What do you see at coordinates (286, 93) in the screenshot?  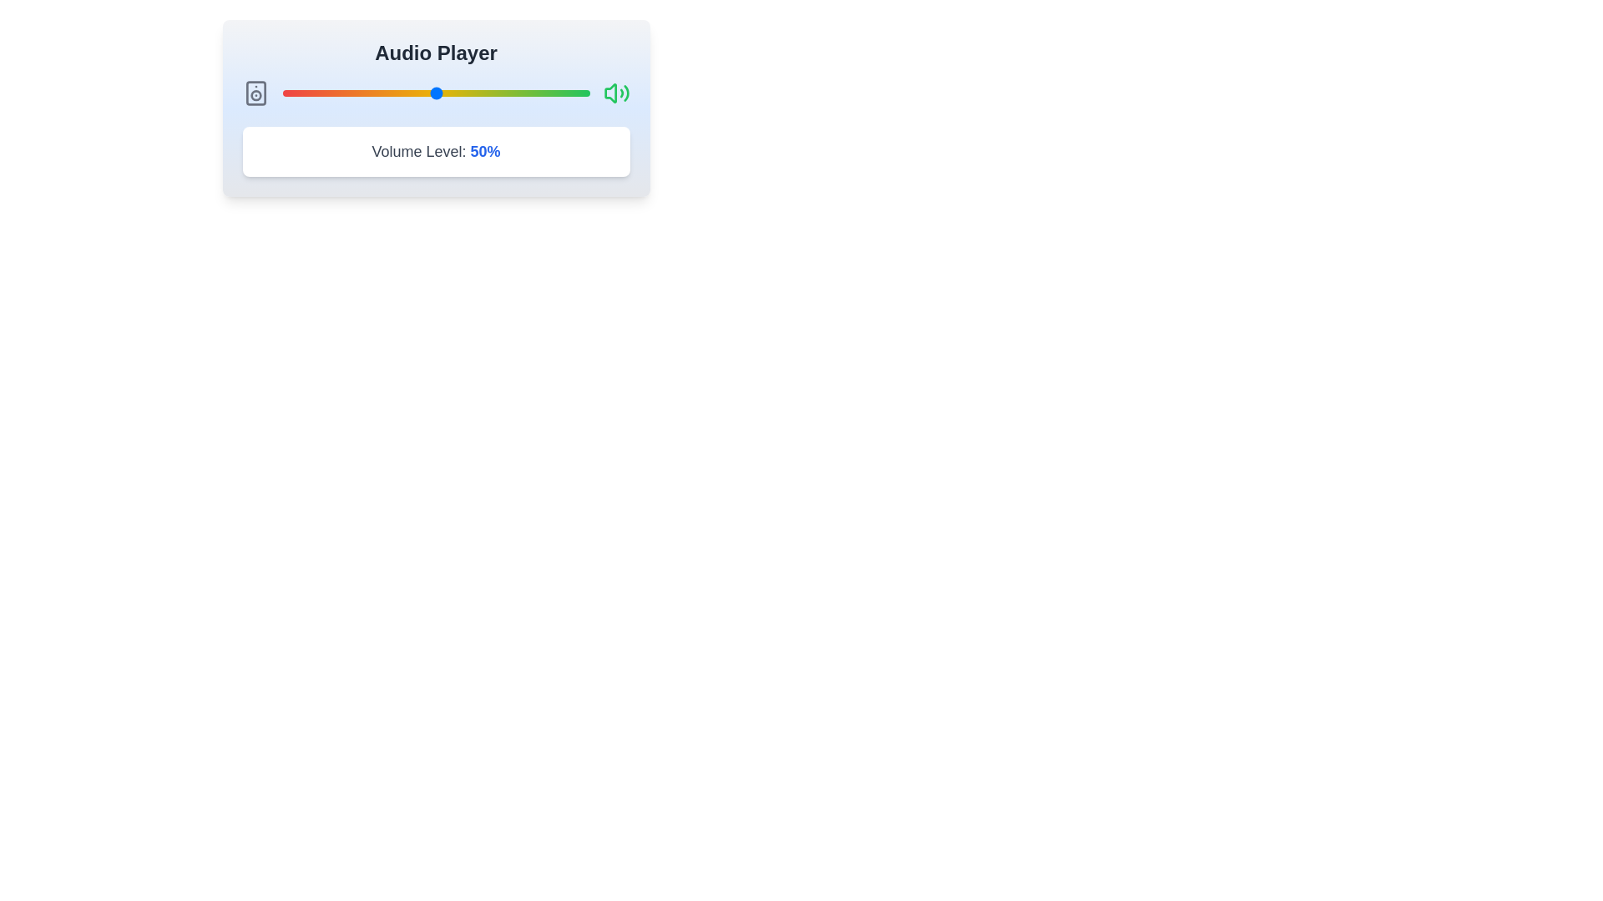 I see `the volume slider to 1% by dragging the slider` at bounding box center [286, 93].